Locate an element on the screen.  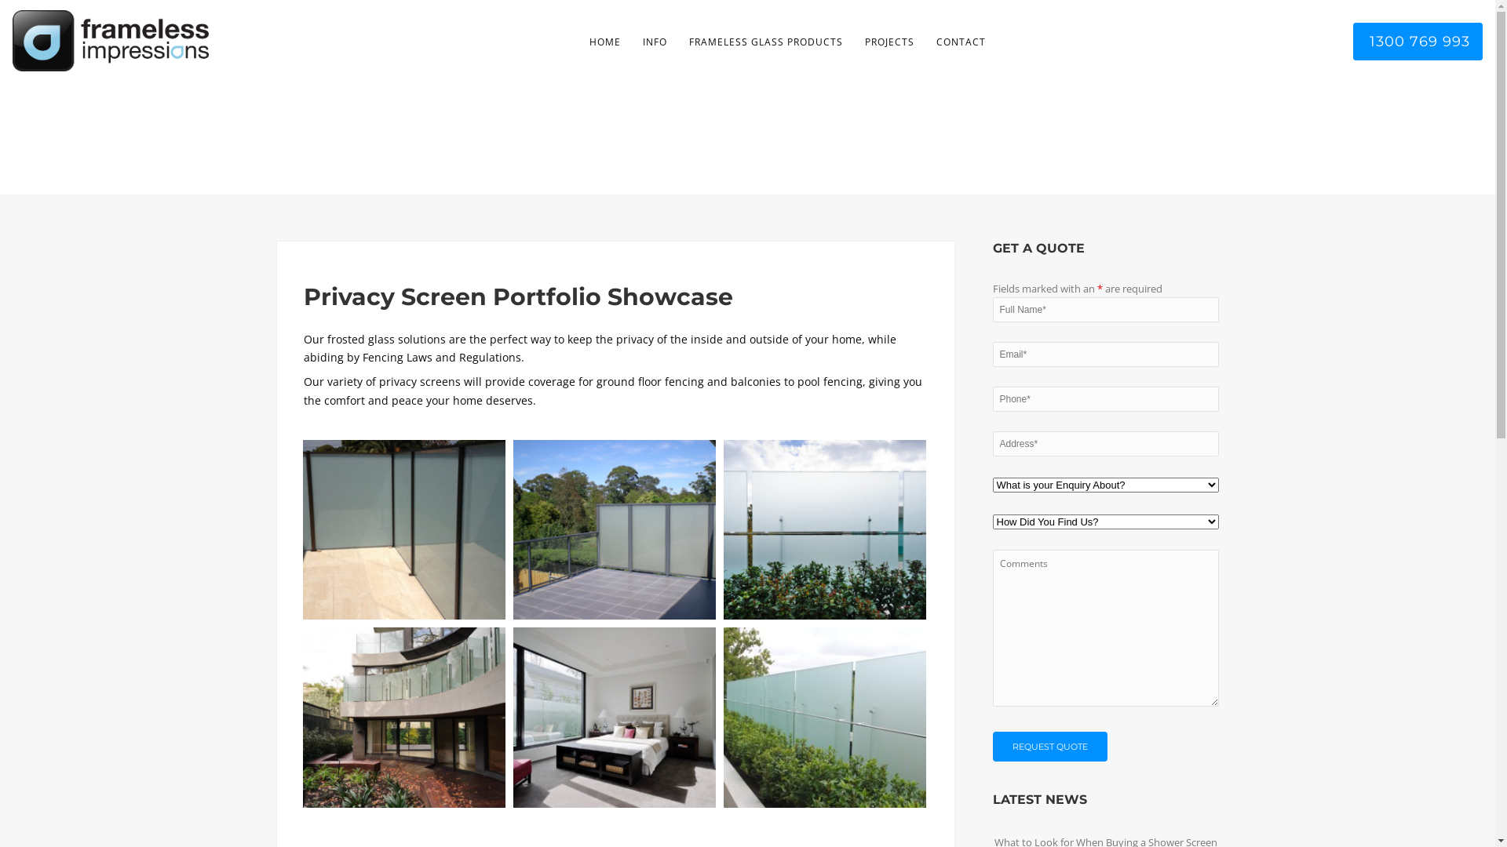
'INFO' is located at coordinates (654, 42).